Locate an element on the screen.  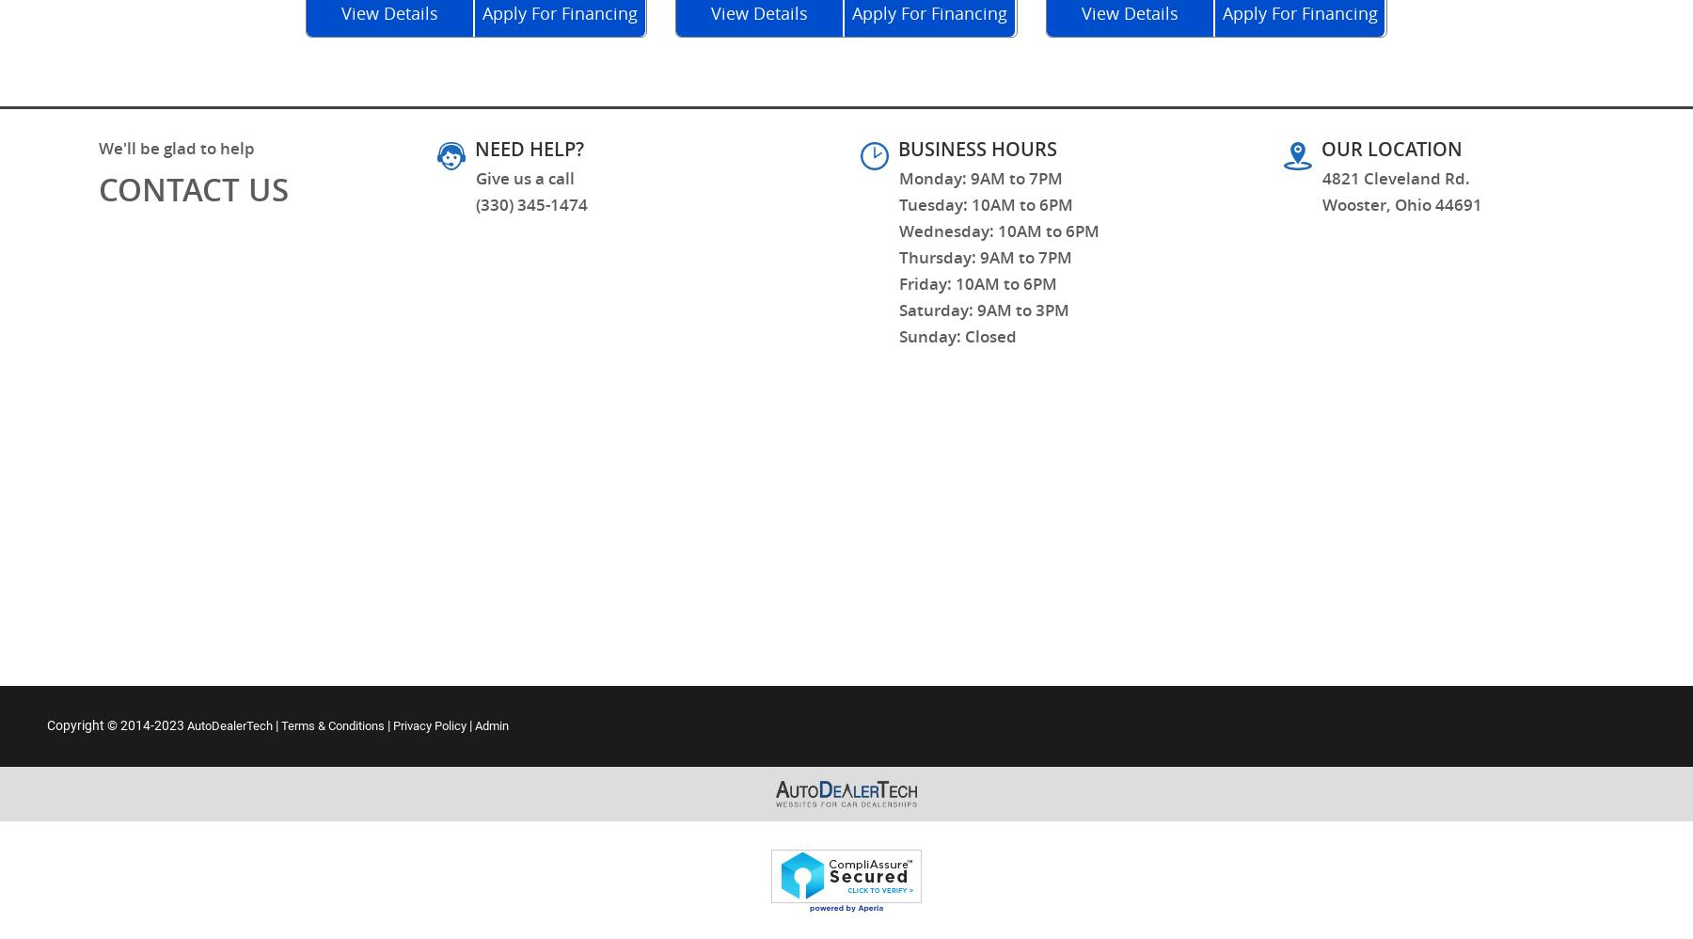
'Friday: 10AM to 6PM' is located at coordinates (897, 283).